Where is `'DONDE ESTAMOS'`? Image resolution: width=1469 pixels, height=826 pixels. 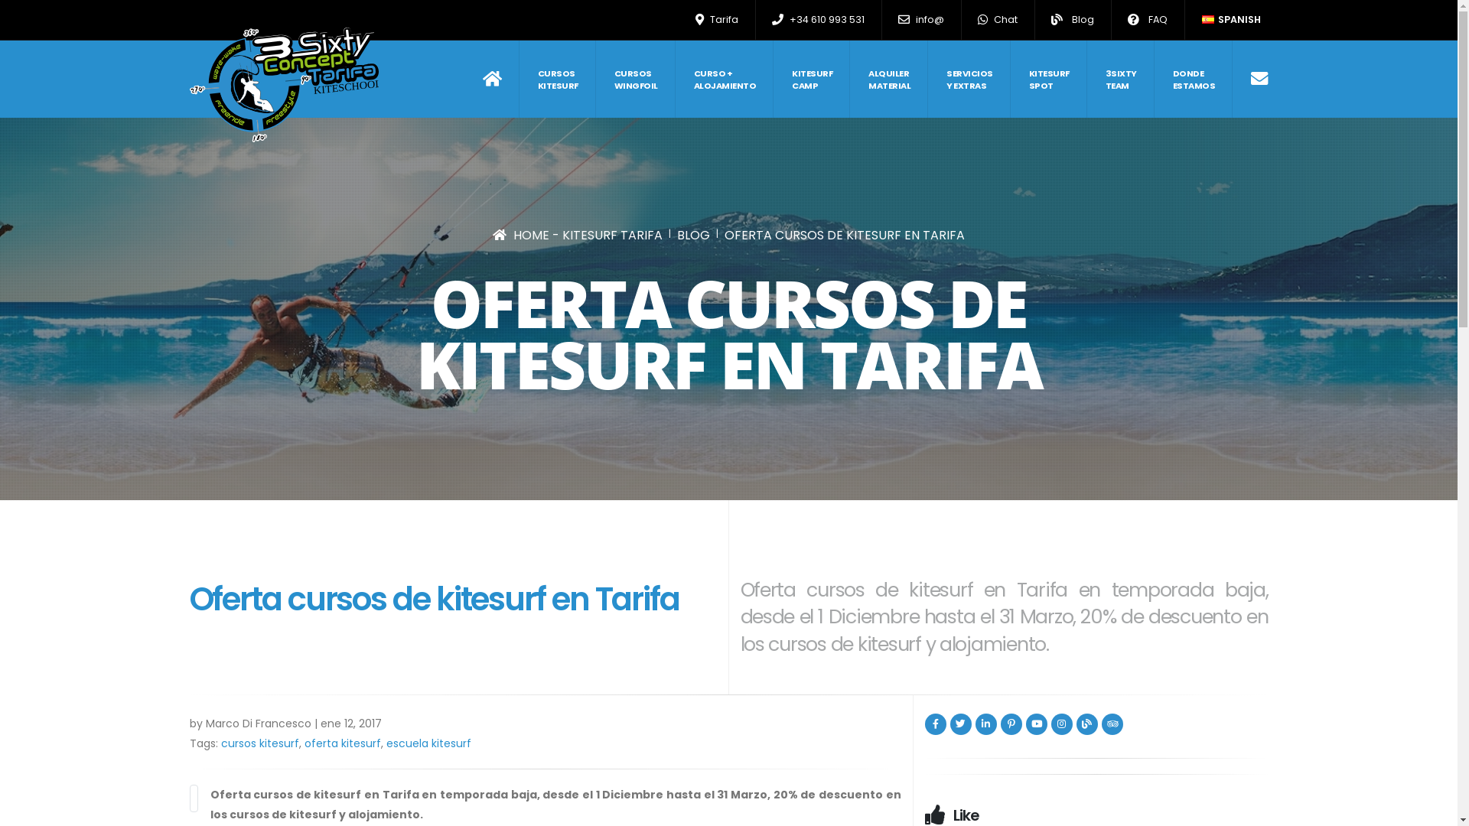 'DONDE ESTAMOS' is located at coordinates (1193, 79).